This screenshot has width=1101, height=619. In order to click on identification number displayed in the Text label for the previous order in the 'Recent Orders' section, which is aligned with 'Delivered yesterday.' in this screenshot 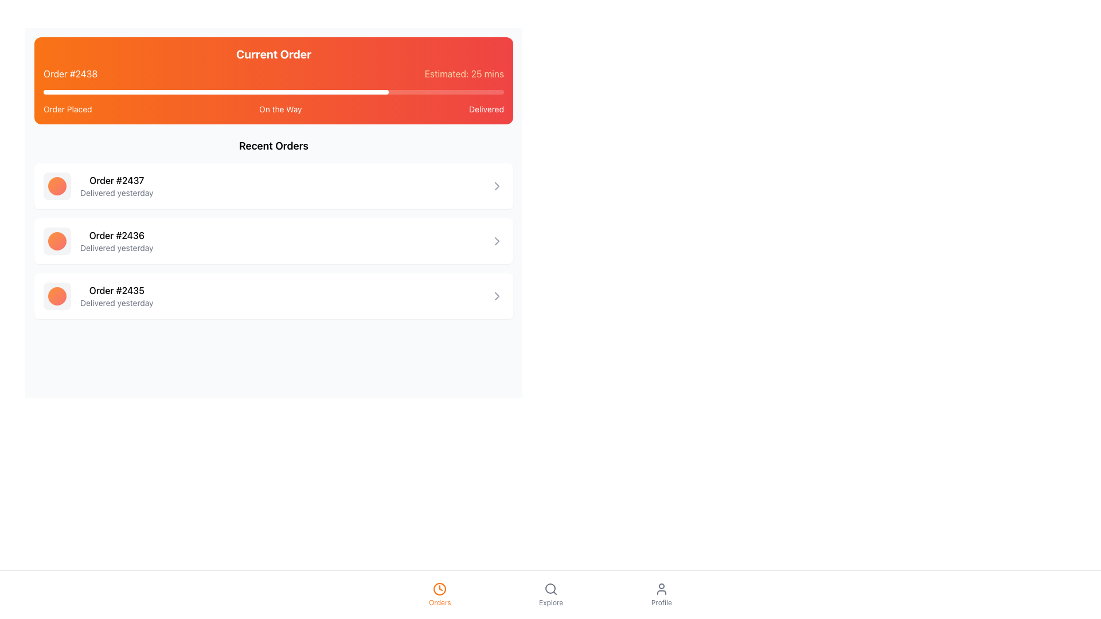, I will do `click(116, 181)`.